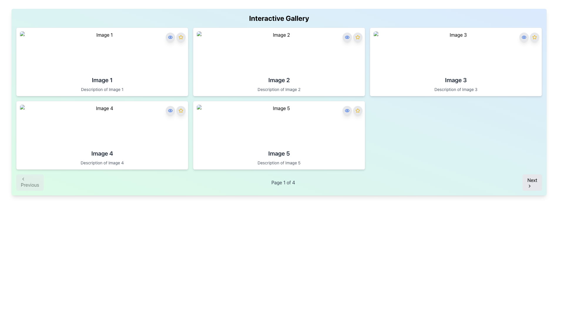  What do you see at coordinates (102, 52) in the screenshot?
I see `the thumbnail image labeled 'Image 1' located` at bounding box center [102, 52].